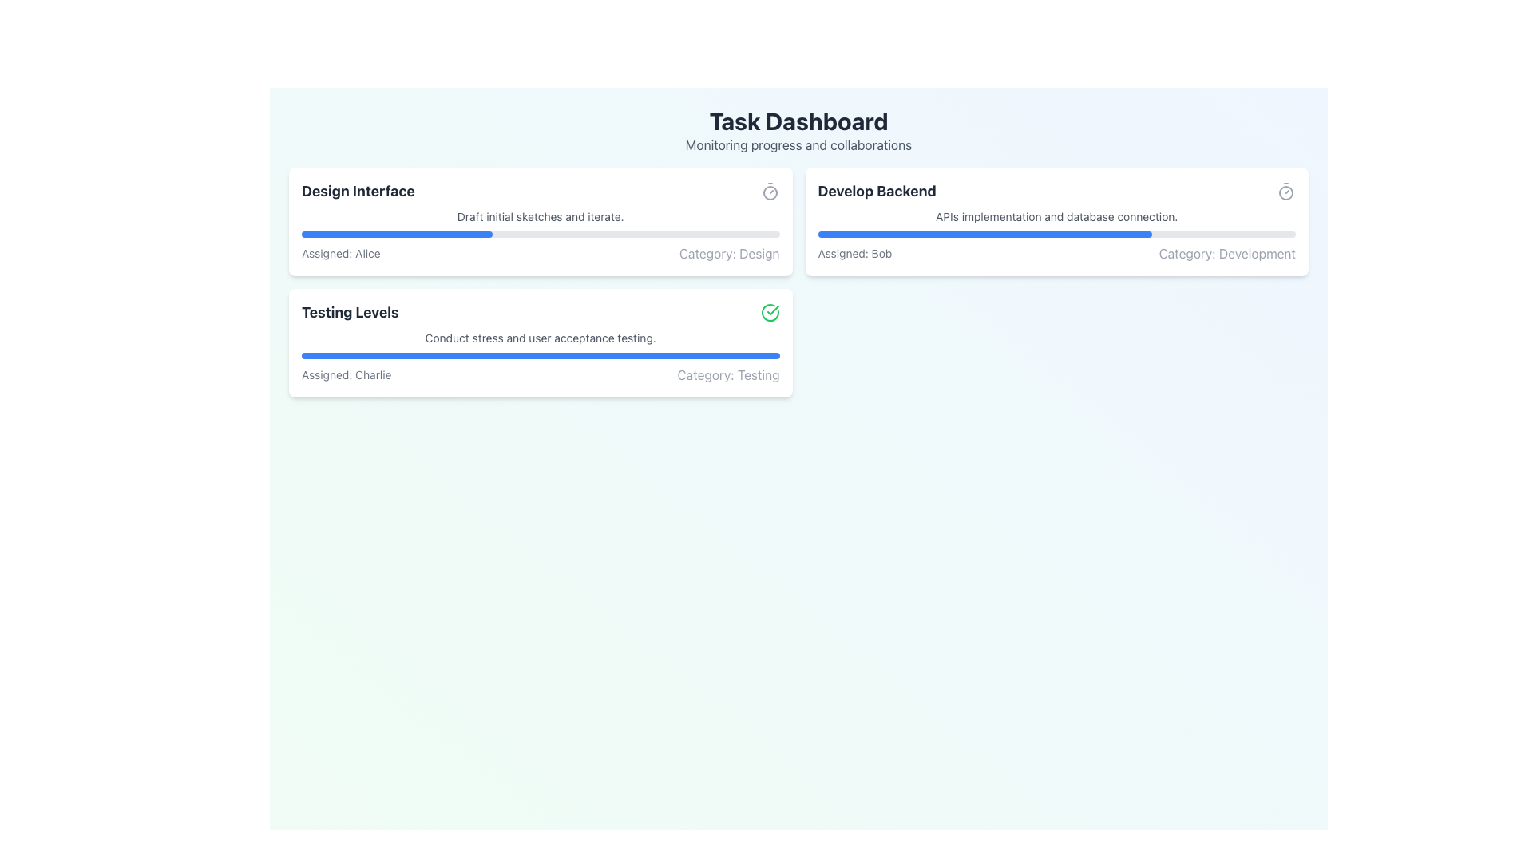  What do you see at coordinates (1056, 217) in the screenshot?
I see `the static text label that provides a summary of the task labeled 'Develop Backend', which is positioned below the title and above the progress bar` at bounding box center [1056, 217].